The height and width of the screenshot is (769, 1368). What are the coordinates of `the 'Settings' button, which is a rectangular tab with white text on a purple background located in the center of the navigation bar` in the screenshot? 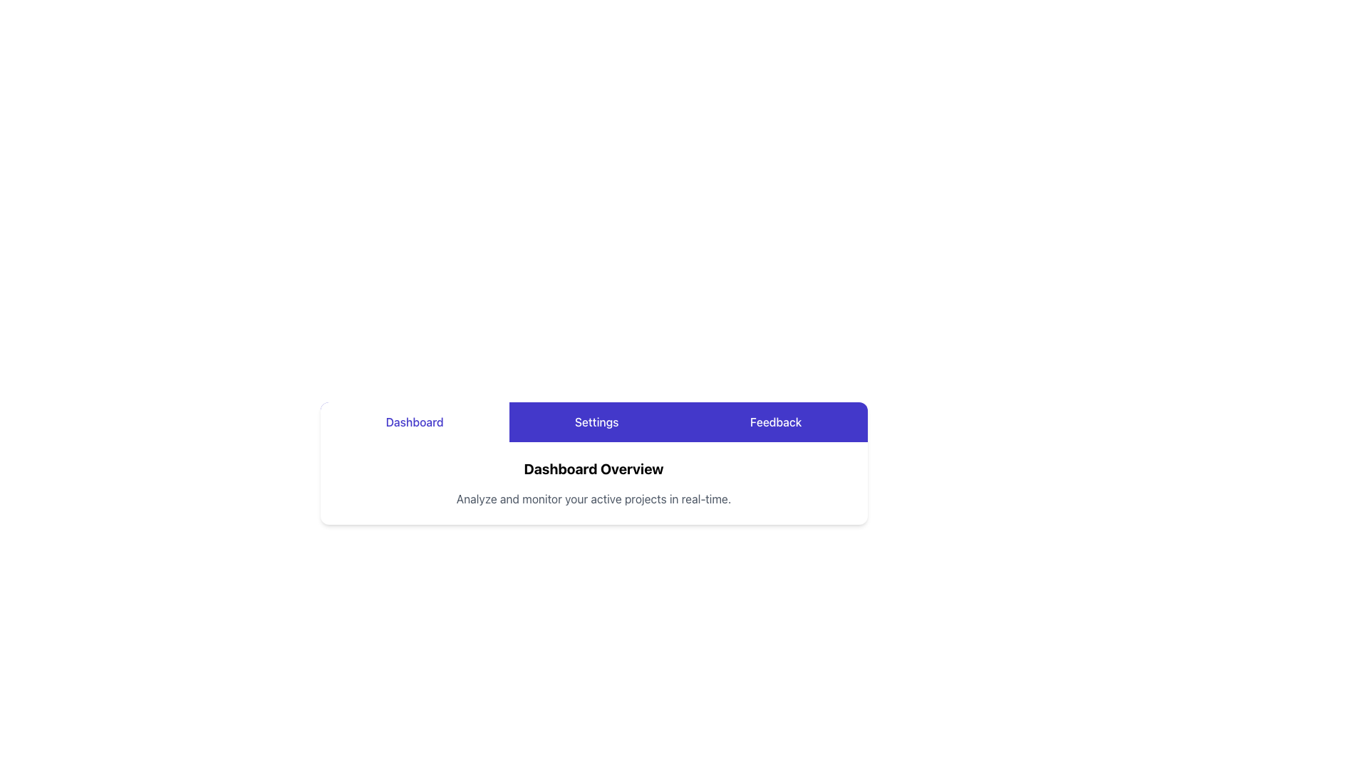 It's located at (596, 422).